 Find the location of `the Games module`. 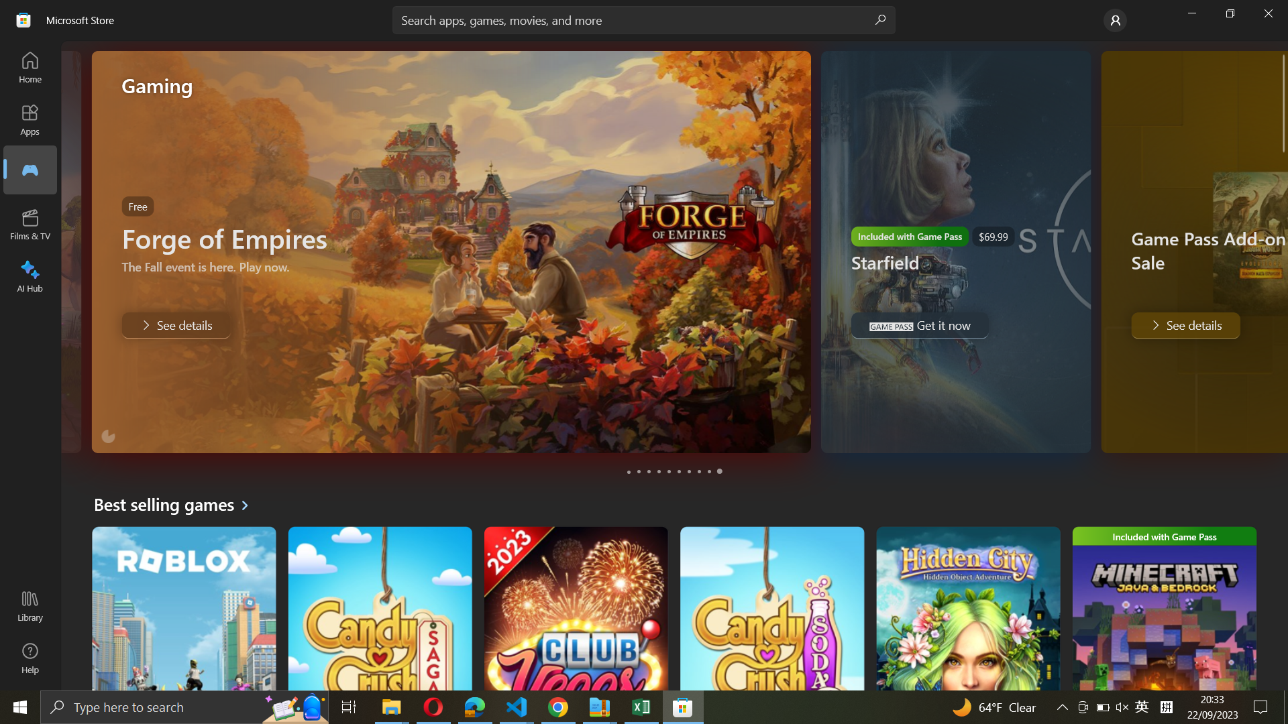

the Games module is located at coordinates (29, 169).